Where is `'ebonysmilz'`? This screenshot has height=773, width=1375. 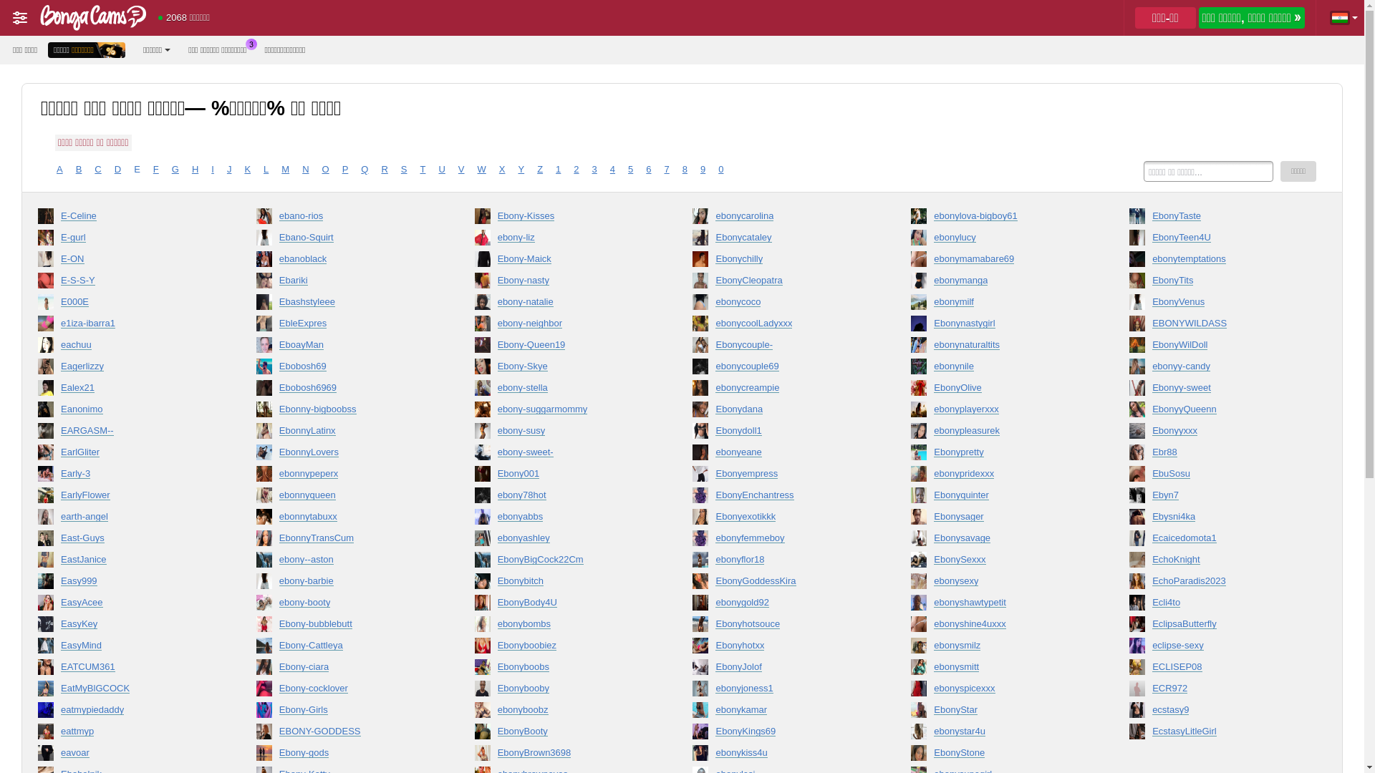 'ebonysmilz' is located at coordinates (999, 648).